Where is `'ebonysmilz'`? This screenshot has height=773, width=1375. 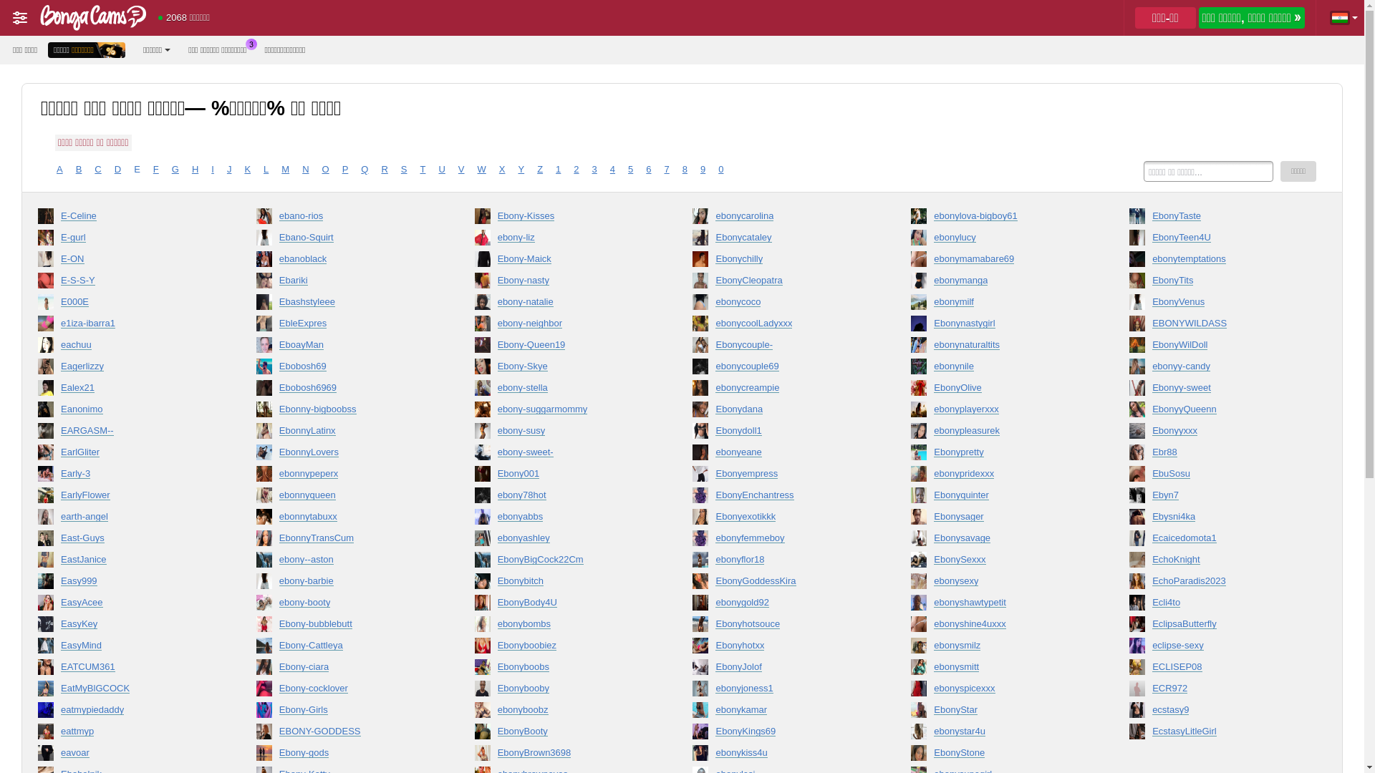 'ebonysmilz' is located at coordinates (999, 648).